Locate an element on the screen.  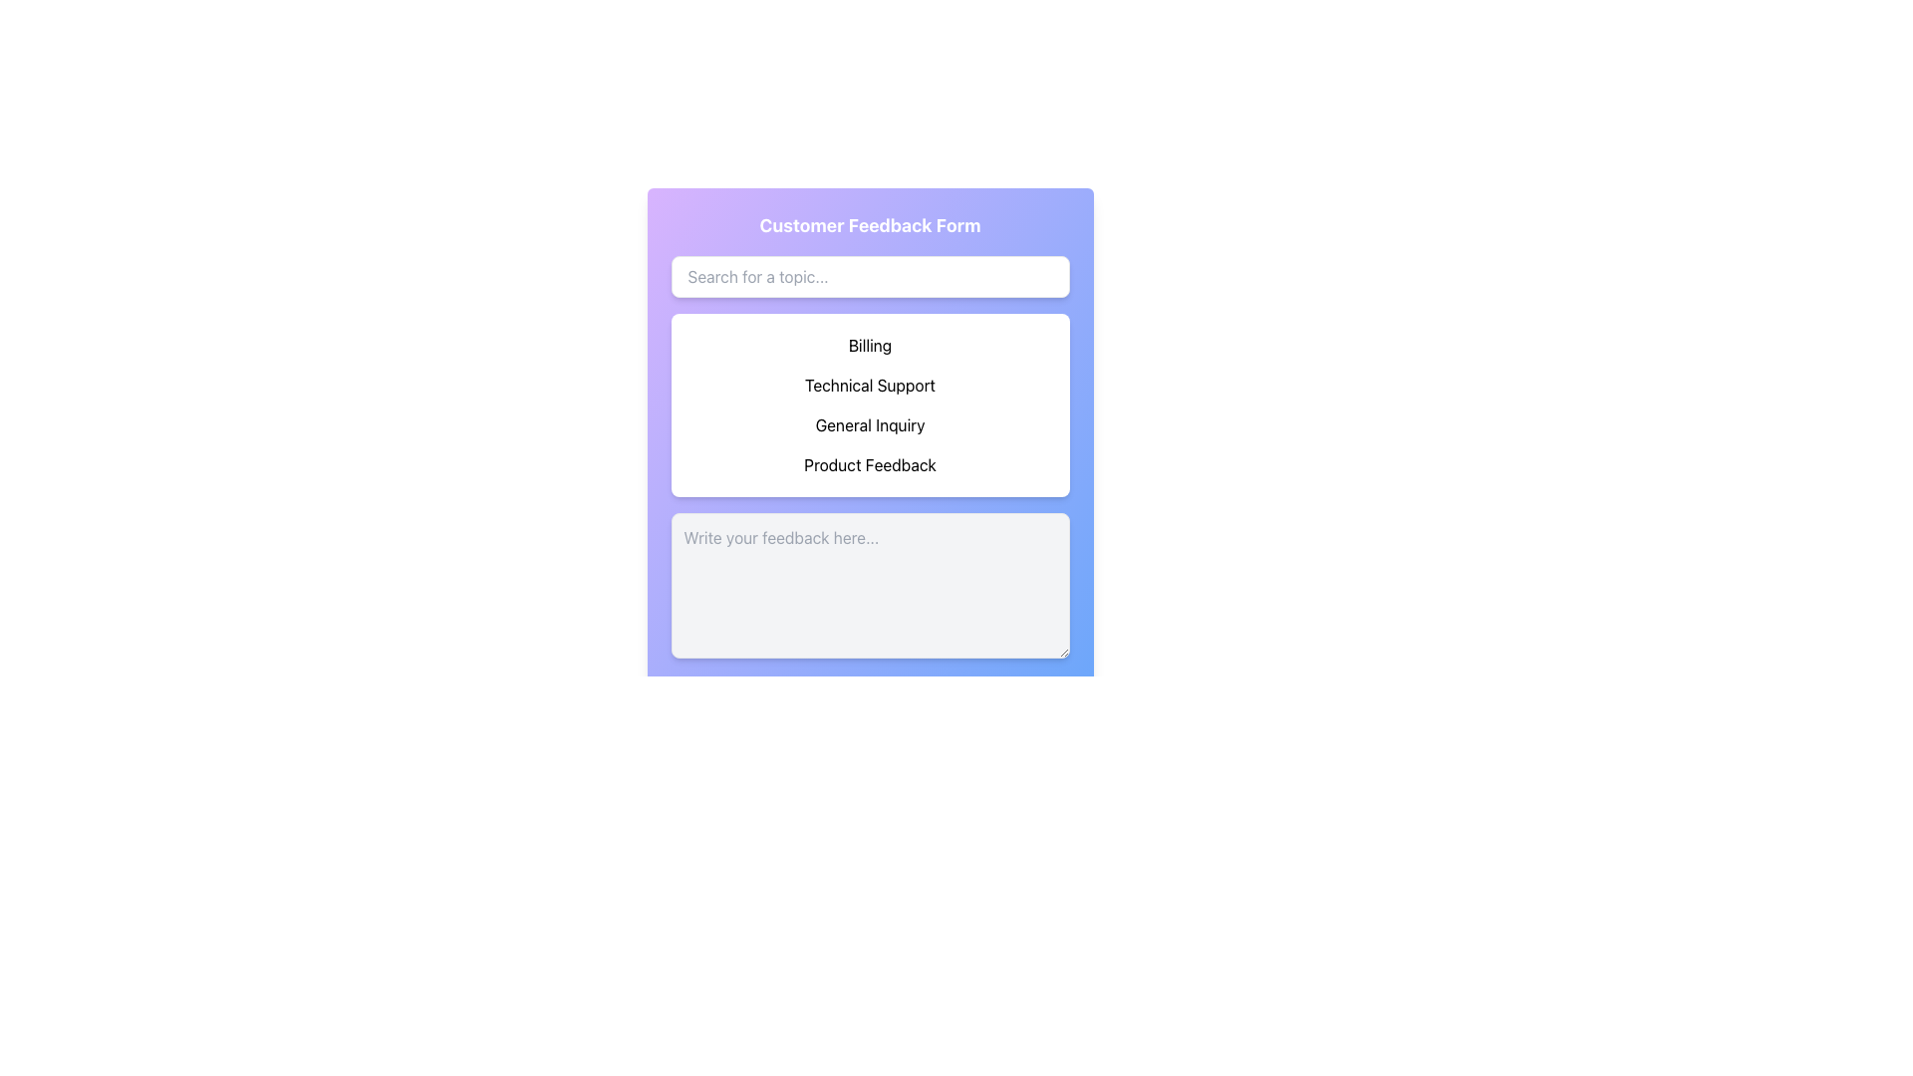
the multi-line textarea for user feedback located centrally beneath the section headers and above the 'Submit Feedback' button to focus and start typing is located at coordinates (870, 584).